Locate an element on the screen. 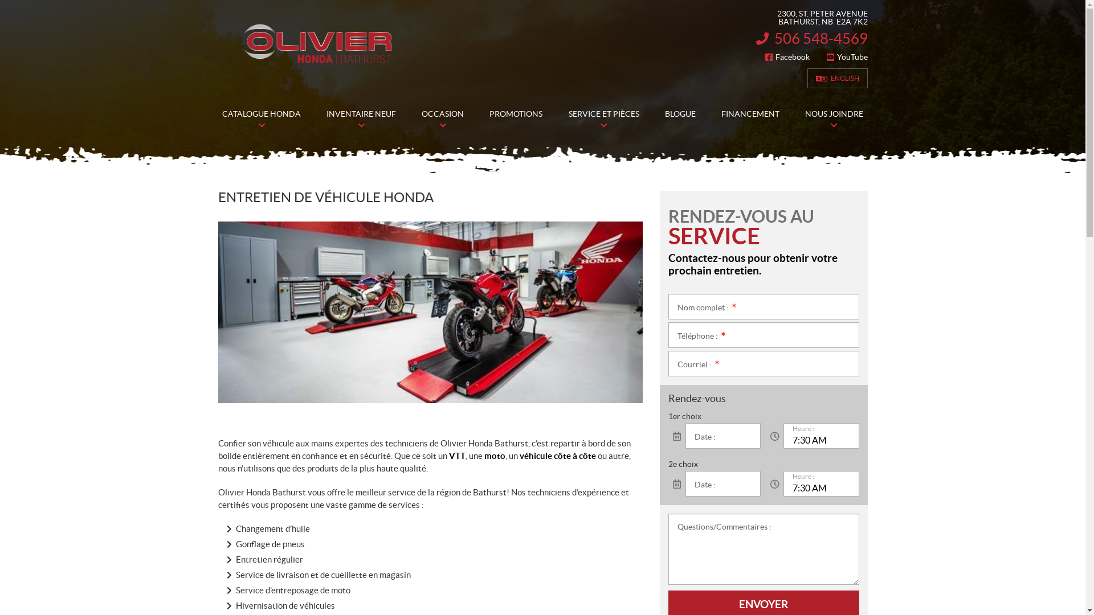  'Facebook' is located at coordinates (786, 57).